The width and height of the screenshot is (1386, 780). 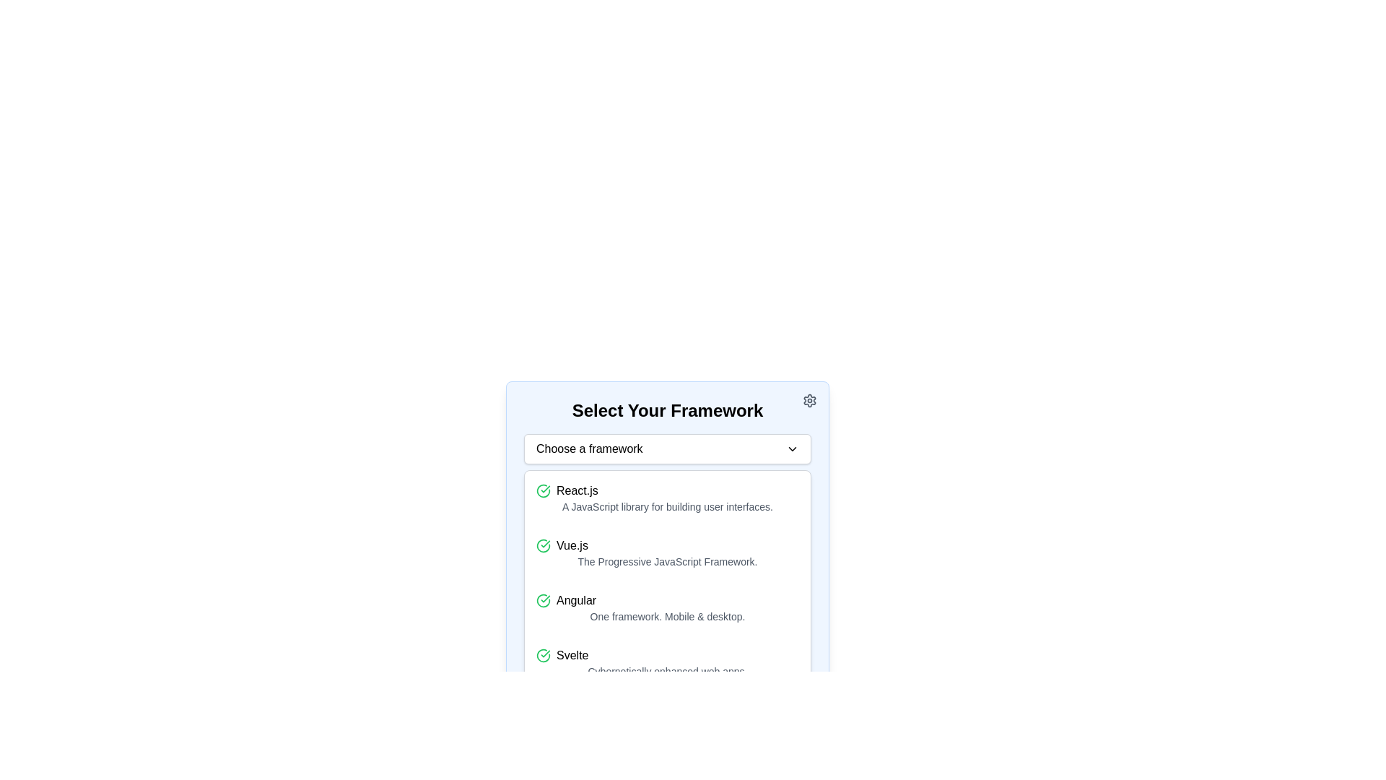 What do you see at coordinates (810, 401) in the screenshot?
I see `the gear icon located in the top-right section of the 'Select Your Framework' dialog box` at bounding box center [810, 401].